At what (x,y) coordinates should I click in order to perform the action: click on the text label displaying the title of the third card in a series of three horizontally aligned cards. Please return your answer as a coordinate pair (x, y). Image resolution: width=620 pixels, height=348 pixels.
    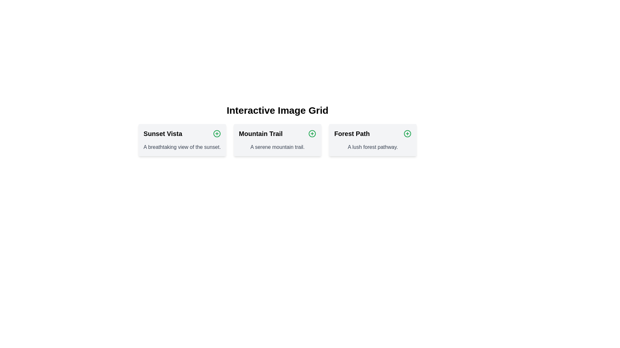
    Looking at the image, I should click on (352, 133).